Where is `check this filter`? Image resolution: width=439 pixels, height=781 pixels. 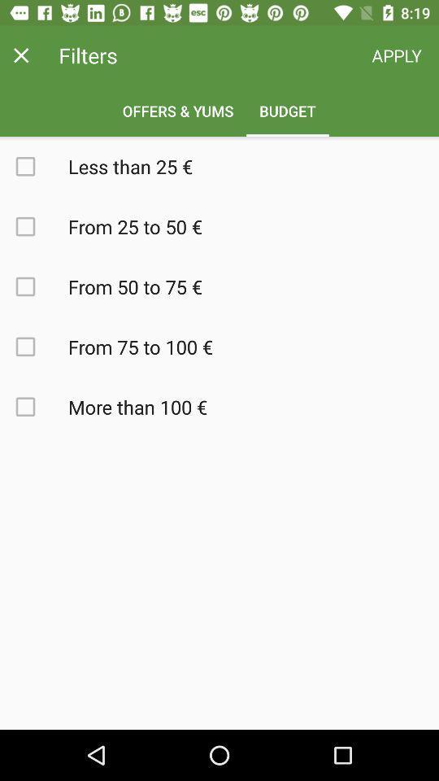 check this filter is located at coordinates (34, 406).